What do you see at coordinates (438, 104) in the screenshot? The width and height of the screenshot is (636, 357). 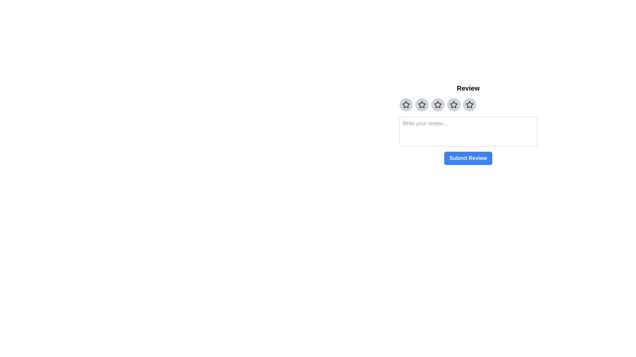 I see `the fourth star icon in the rating system` at bounding box center [438, 104].